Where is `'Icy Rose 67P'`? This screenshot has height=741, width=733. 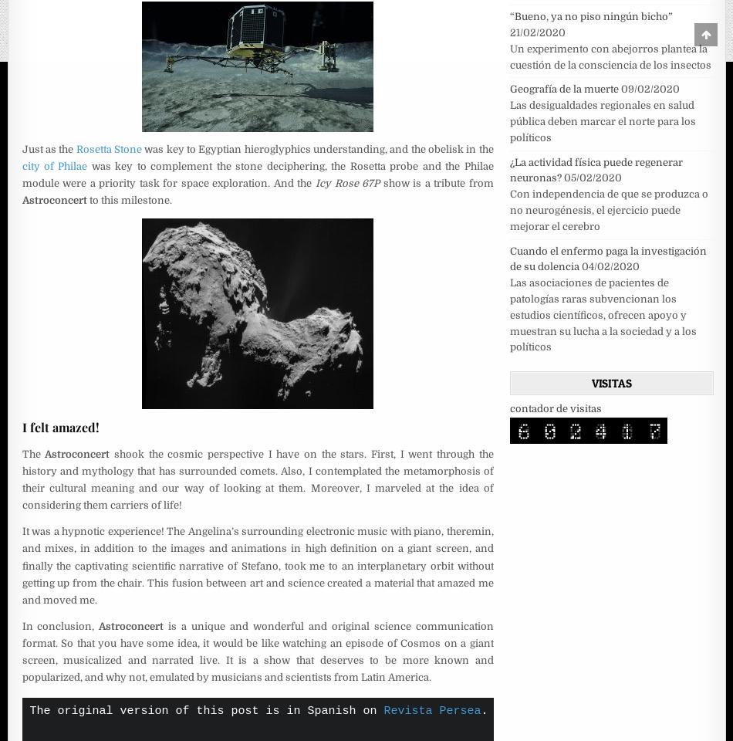
'Icy Rose 67P' is located at coordinates (346, 182).